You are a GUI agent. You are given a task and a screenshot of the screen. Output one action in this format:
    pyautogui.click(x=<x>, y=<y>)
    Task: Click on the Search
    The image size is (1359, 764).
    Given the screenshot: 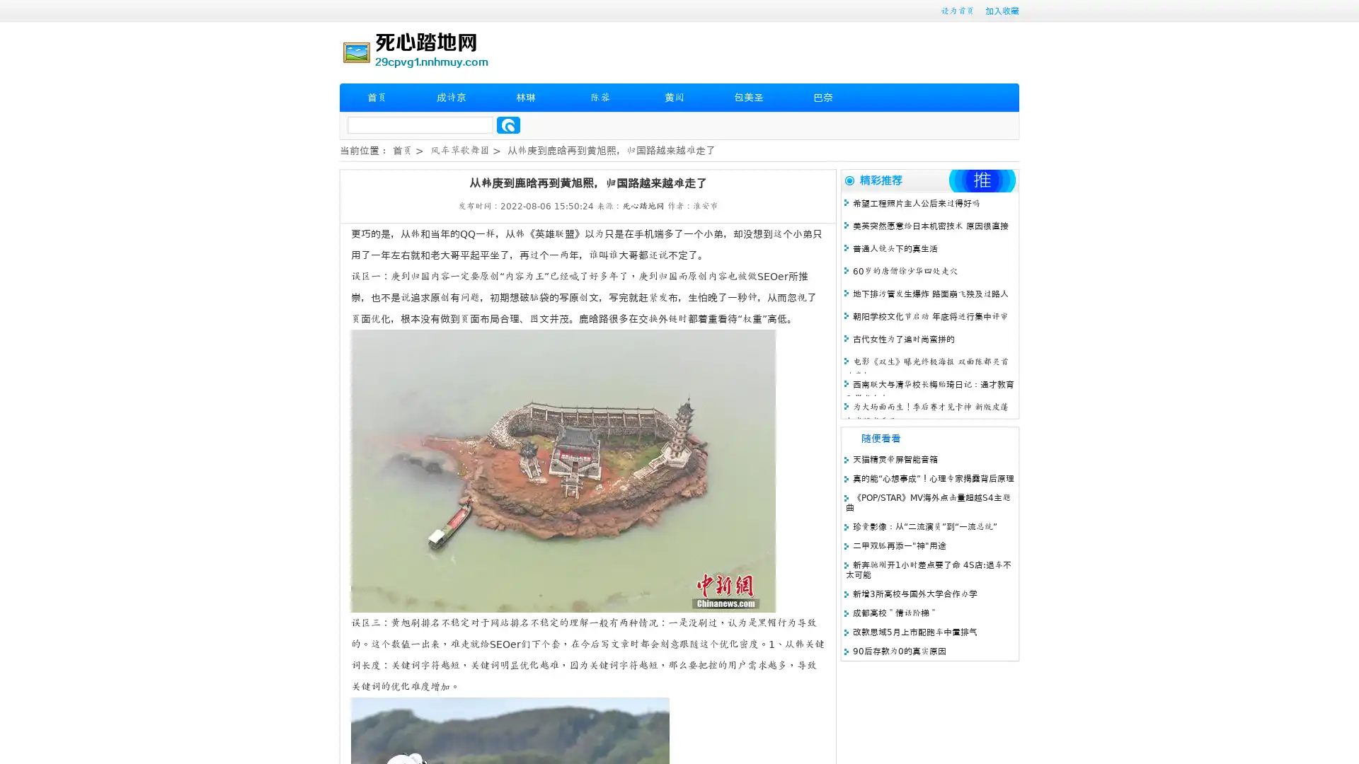 What is the action you would take?
    pyautogui.click(x=508, y=125)
    